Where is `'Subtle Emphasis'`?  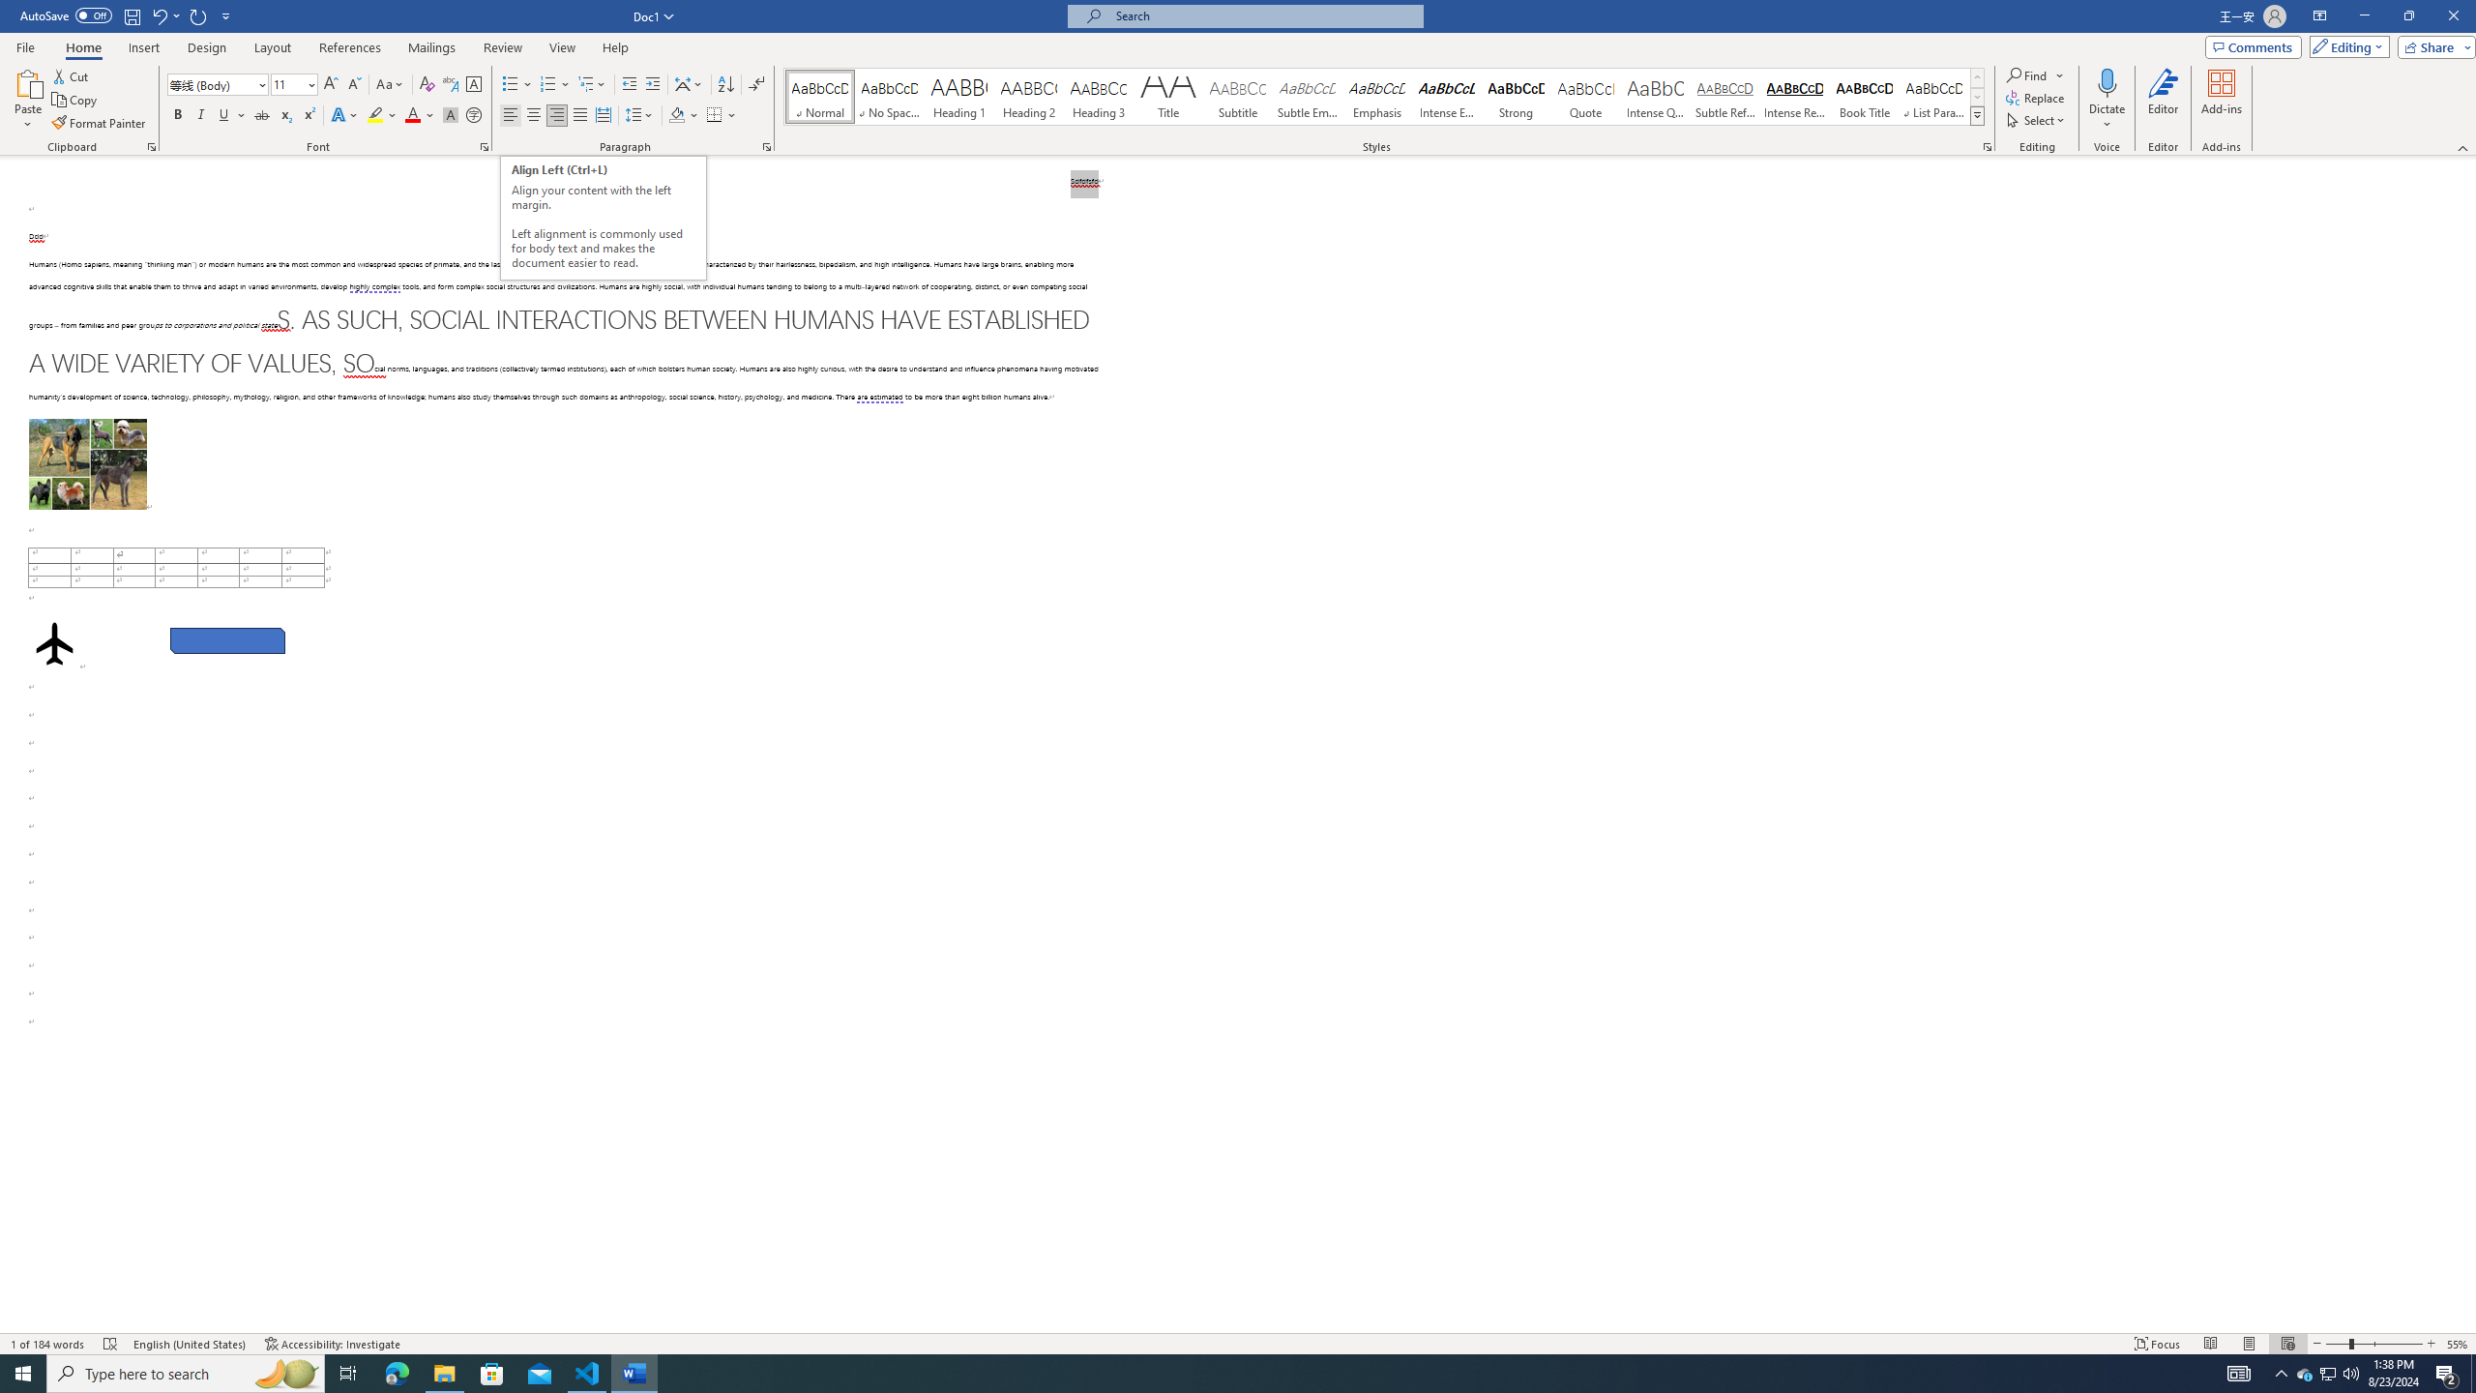 'Subtle Emphasis' is located at coordinates (1306, 96).